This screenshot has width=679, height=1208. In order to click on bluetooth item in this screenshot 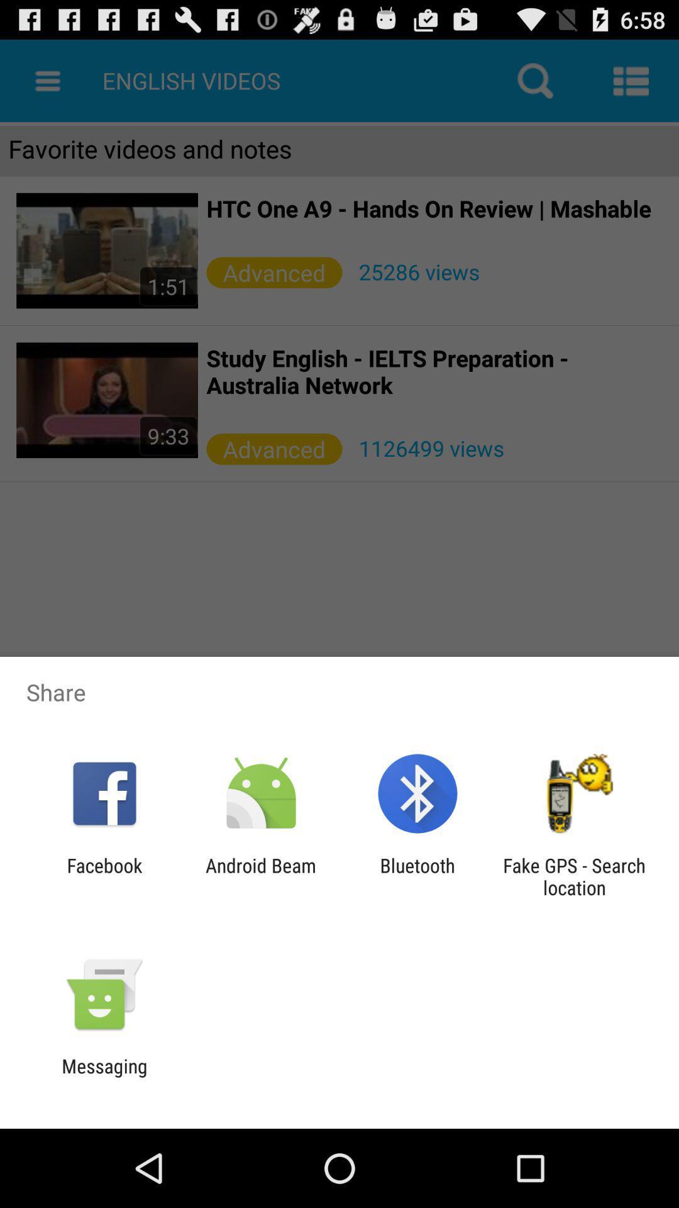, I will do `click(417, 876)`.